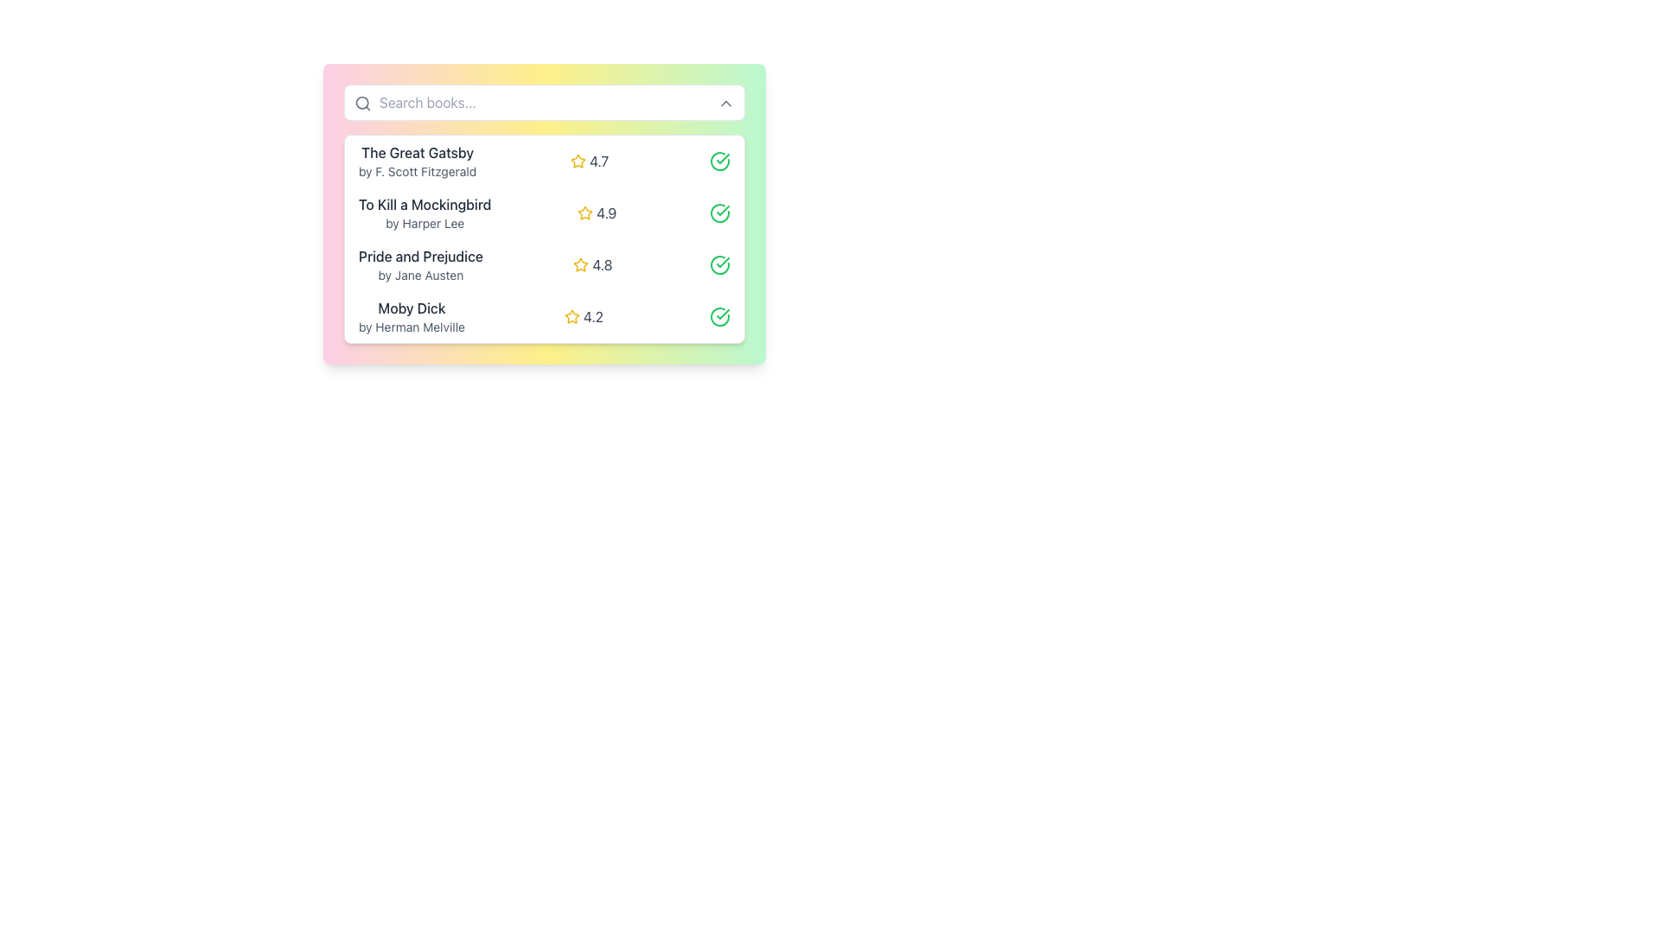  I want to click on the Text Display element that shows the title 'To Kill a Mockingbird' and the author 'by Harper Lee', which is the second item in a list of book entries, so click(425, 212).